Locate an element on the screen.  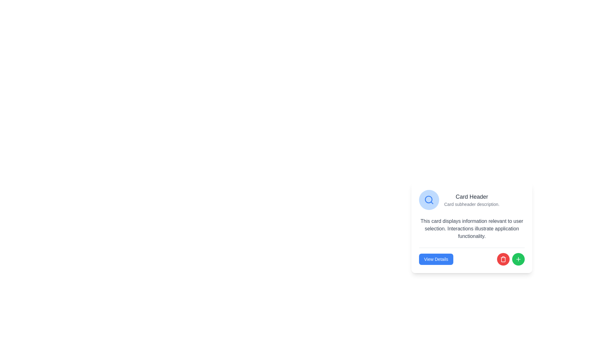
the small, circular green button with a centered '+' symbol located at the bottom-right corner of the card component is located at coordinates (518, 259).